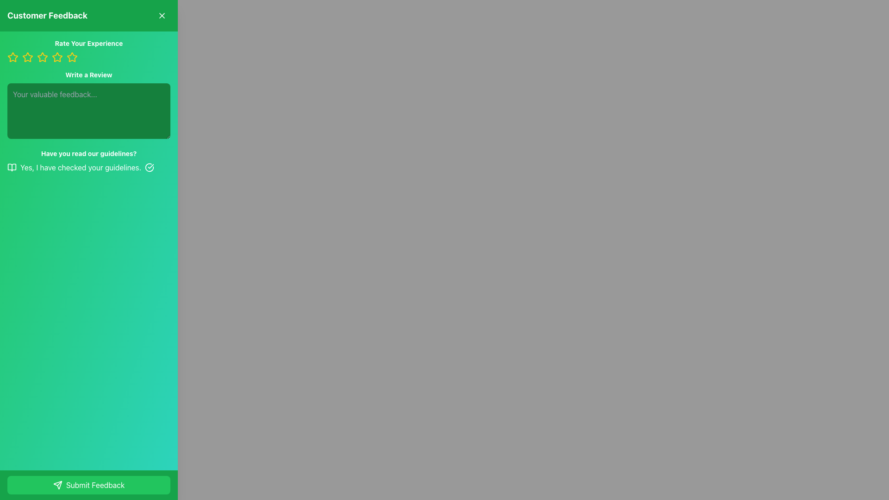  What do you see at coordinates (42, 57) in the screenshot?
I see `the third yellow star-shaped rating icon in the 'Rate Your Experience' section` at bounding box center [42, 57].